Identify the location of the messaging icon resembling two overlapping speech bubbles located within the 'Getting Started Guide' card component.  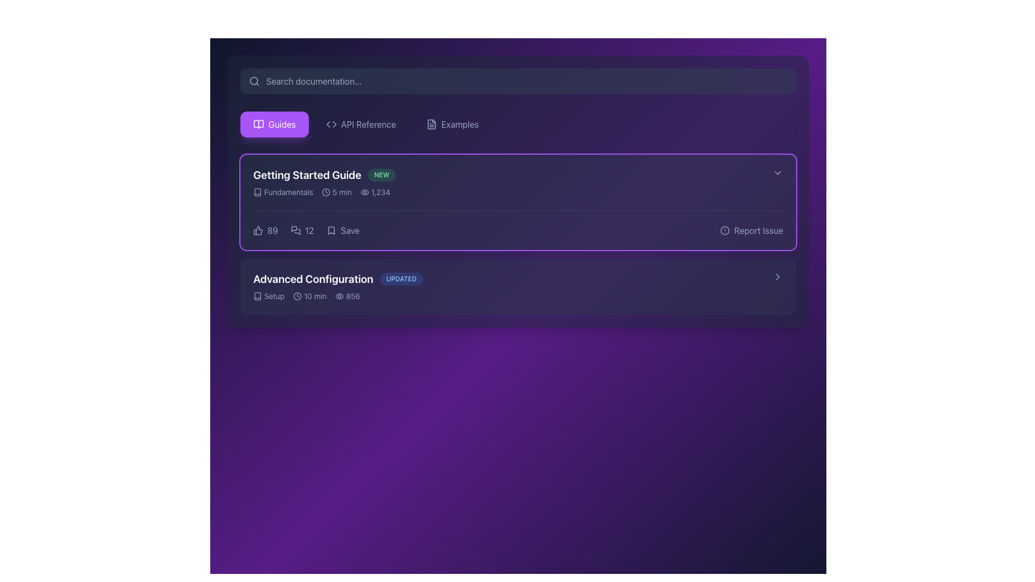
(295, 230).